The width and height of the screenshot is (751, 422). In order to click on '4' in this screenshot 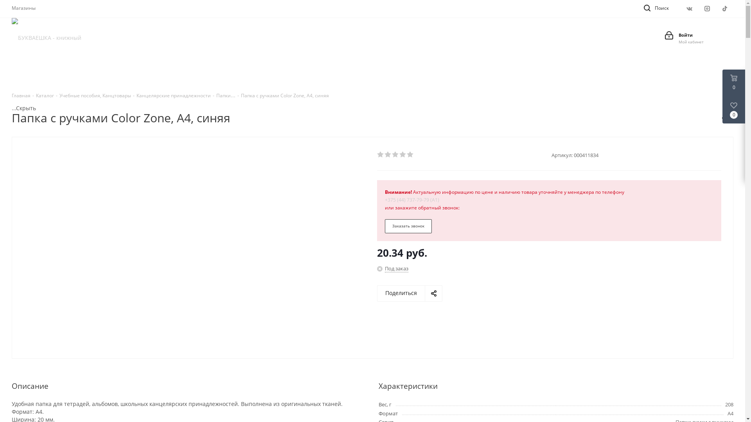, I will do `click(402, 155)`.